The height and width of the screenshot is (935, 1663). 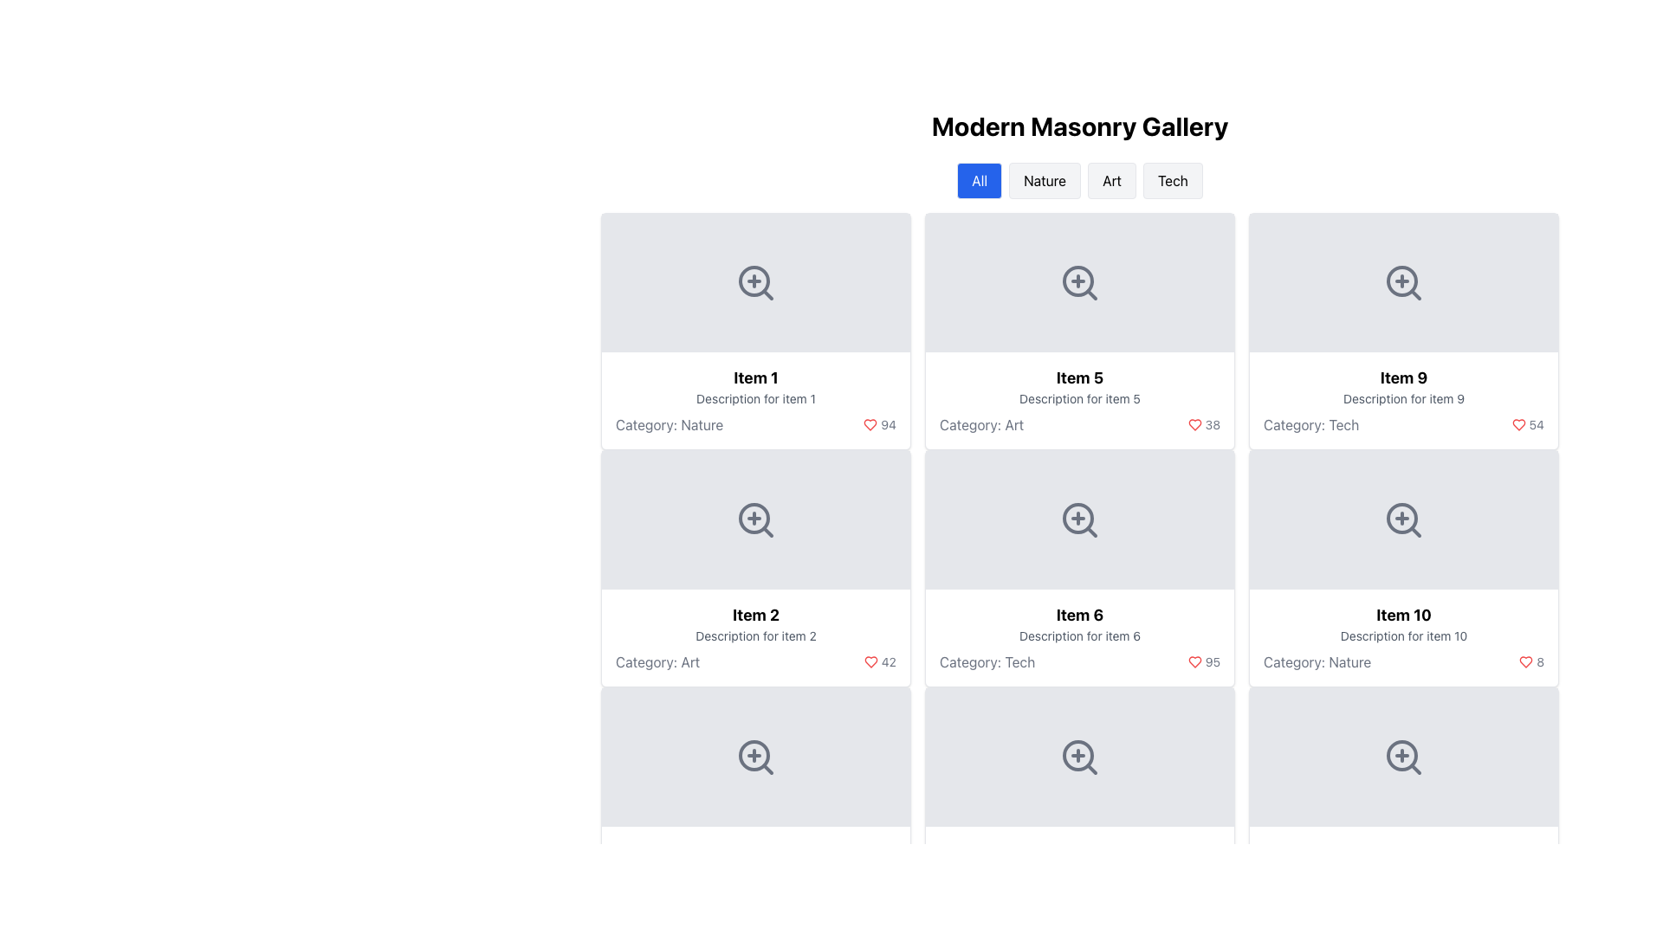 I want to click on the zoom-in icon represented by a gray magnifying glass with a plus sign, located at the top-center of the card labeled 'Item 9' in the grid layout, so click(x=1404, y=282).